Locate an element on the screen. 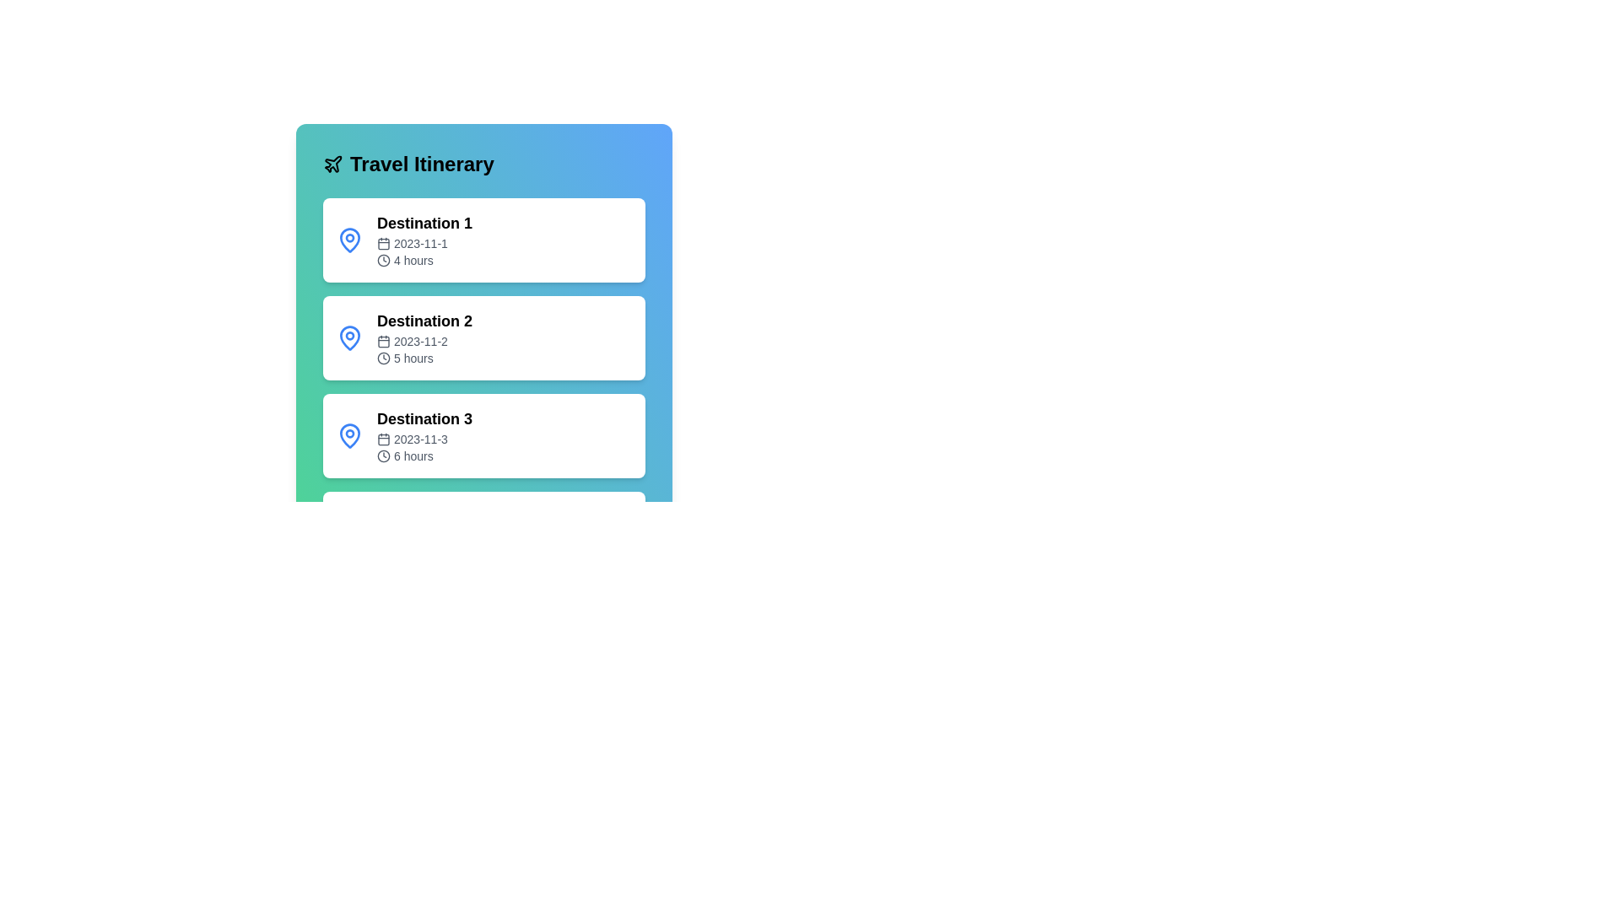 Image resolution: width=1620 pixels, height=911 pixels. the blue map pin icon representing 'Destination 3' located within its card, which is to the left of the title is located at coordinates (348, 434).